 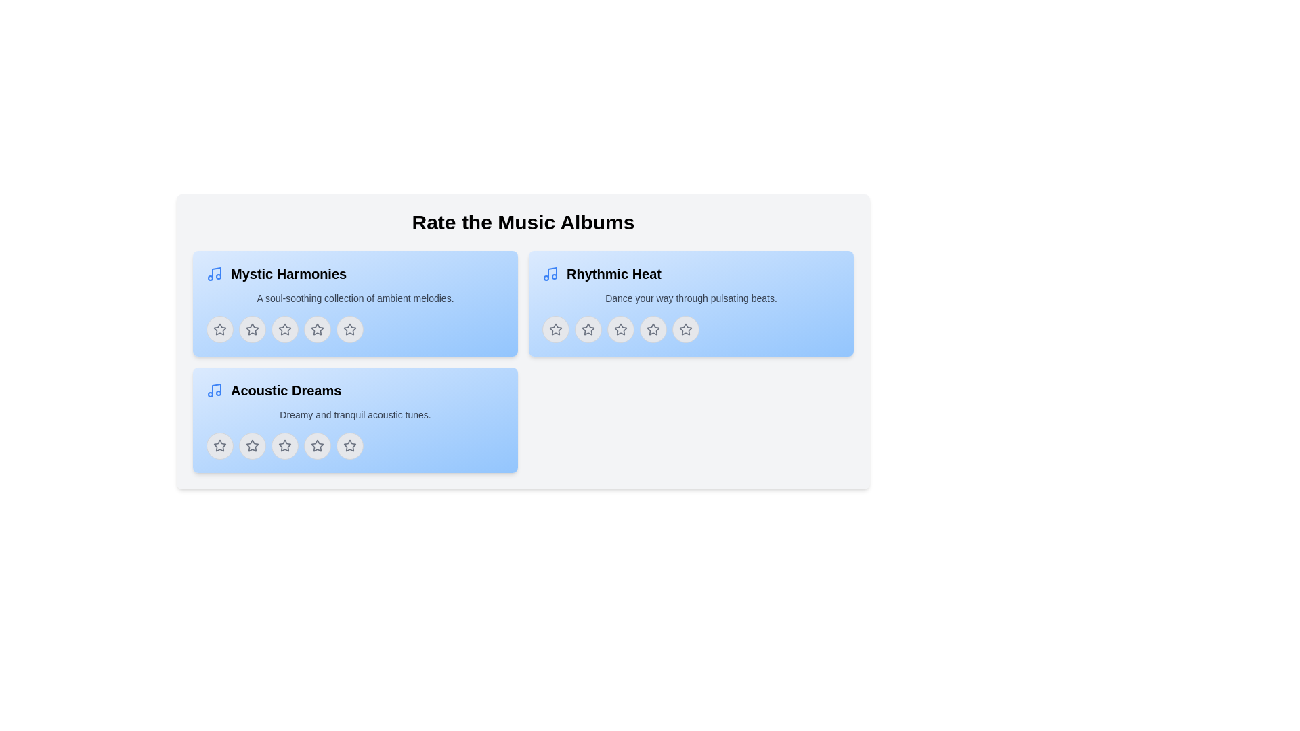 What do you see at coordinates (613, 274) in the screenshot?
I see `the album title text label located in the top-right section of the grid, adjacent to a blue musical note icon and above a description and rating stars` at bounding box center [613, 274].